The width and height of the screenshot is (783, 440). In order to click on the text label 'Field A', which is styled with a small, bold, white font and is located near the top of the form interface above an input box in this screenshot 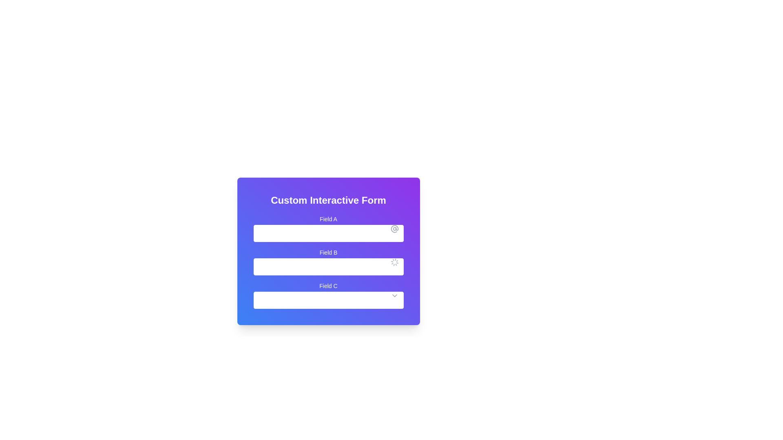, I will do `click(328, 218)`.